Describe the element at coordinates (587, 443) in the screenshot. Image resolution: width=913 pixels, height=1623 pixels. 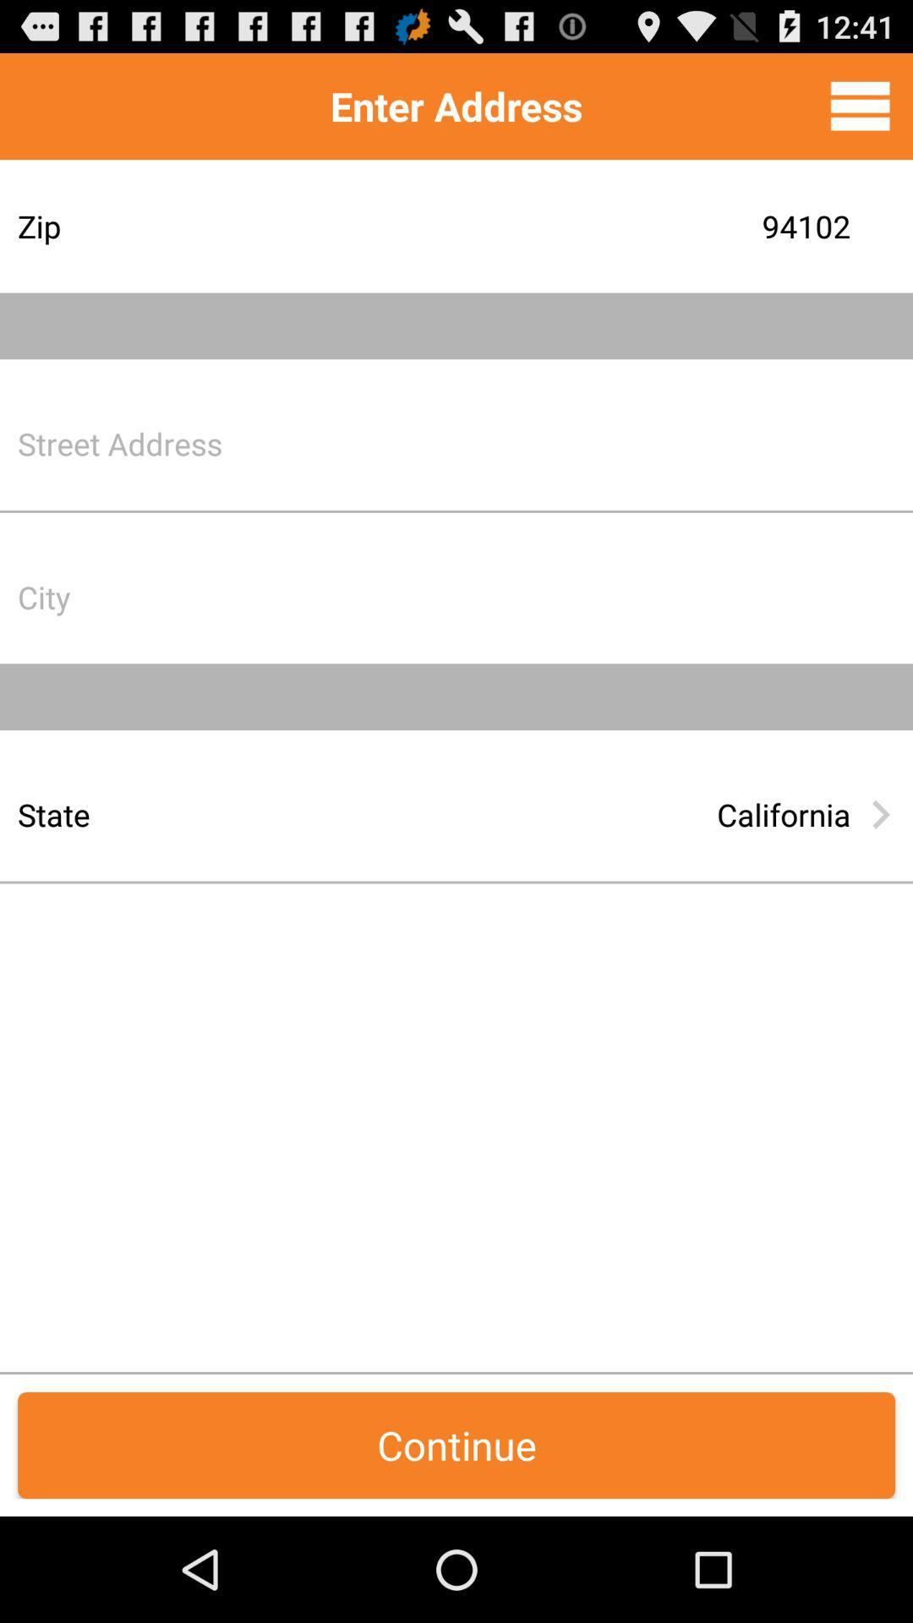
I see `put the address` at that location.